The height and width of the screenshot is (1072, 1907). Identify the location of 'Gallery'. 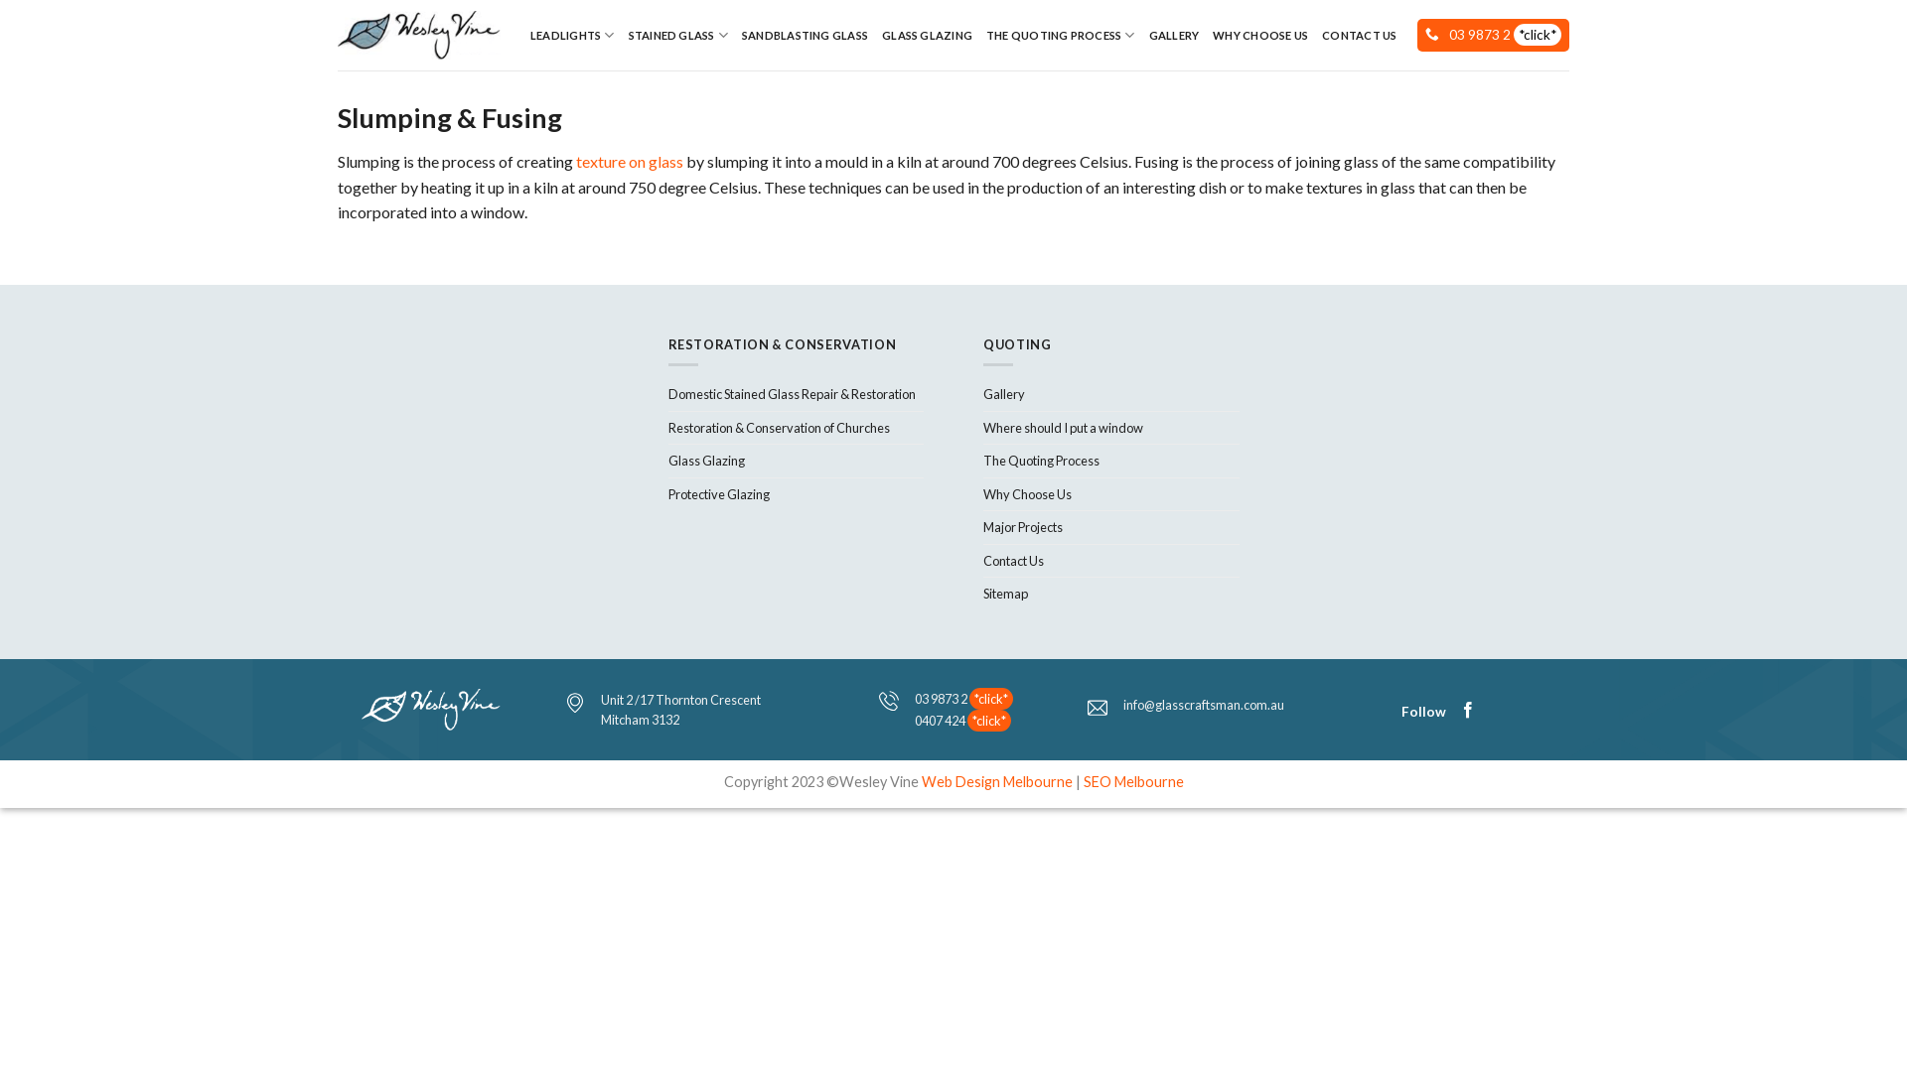
(1004, 394).